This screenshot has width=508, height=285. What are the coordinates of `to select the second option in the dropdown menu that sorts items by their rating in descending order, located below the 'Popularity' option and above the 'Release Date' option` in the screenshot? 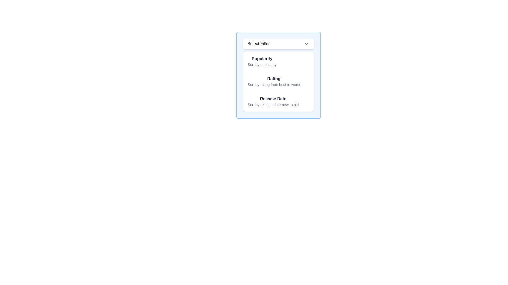 It's located at (278, 81).